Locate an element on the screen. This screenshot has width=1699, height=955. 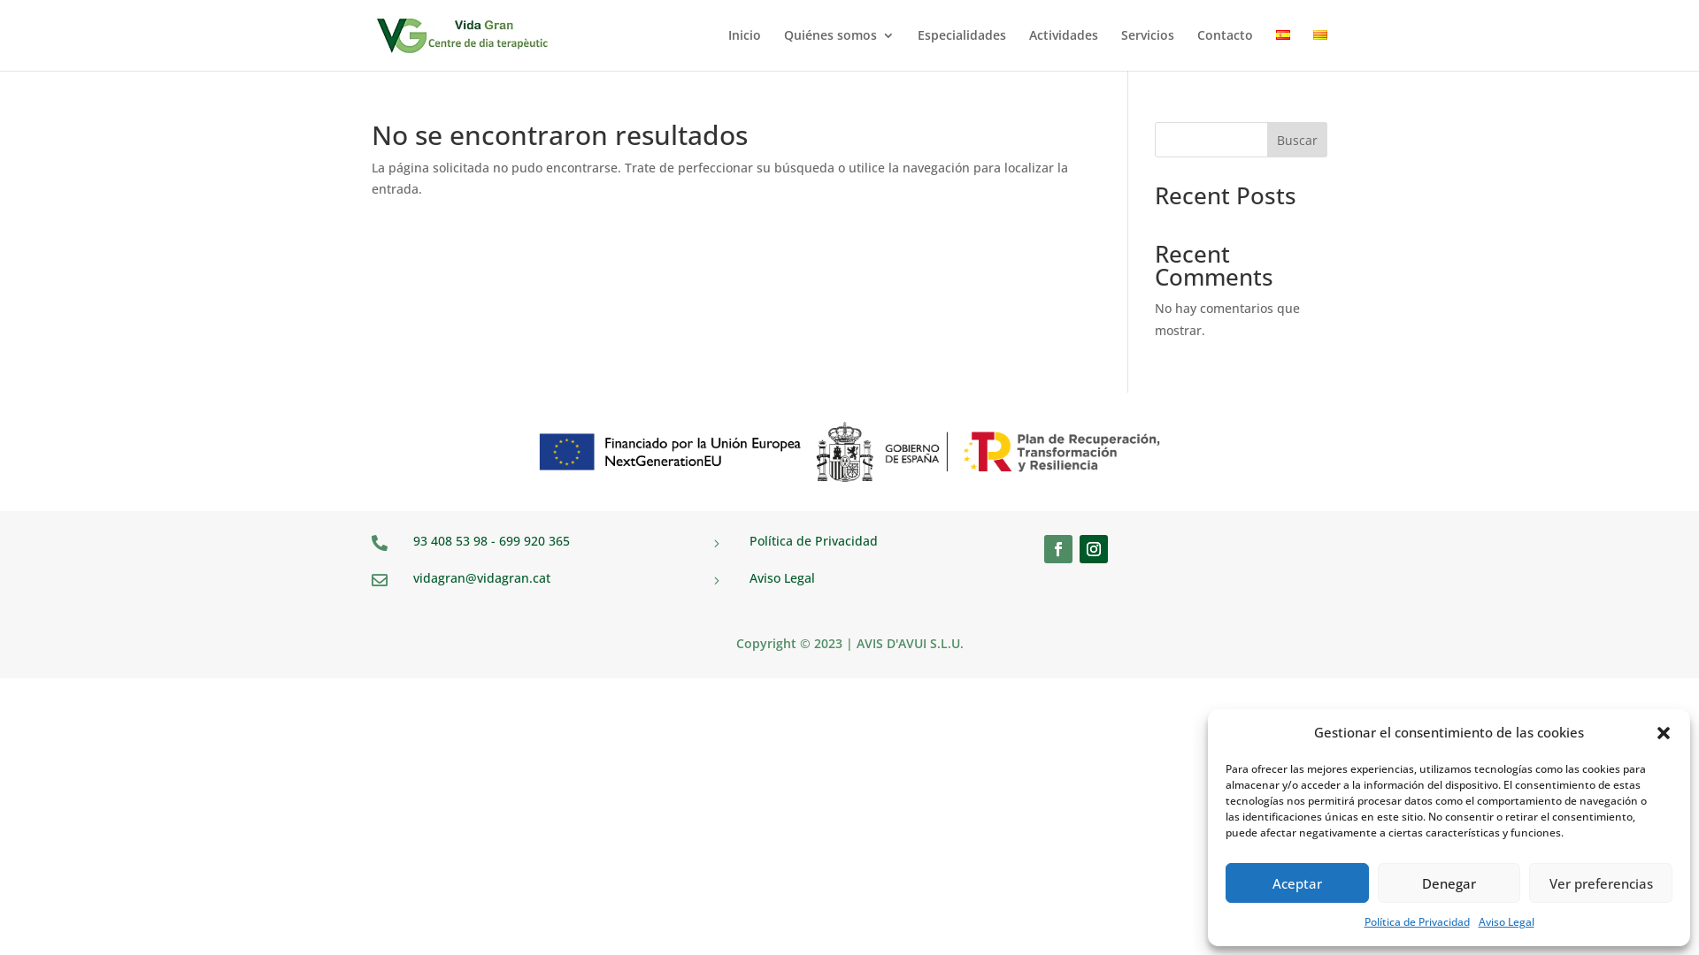
'Especialidades' is located at coordinates (960, 49).